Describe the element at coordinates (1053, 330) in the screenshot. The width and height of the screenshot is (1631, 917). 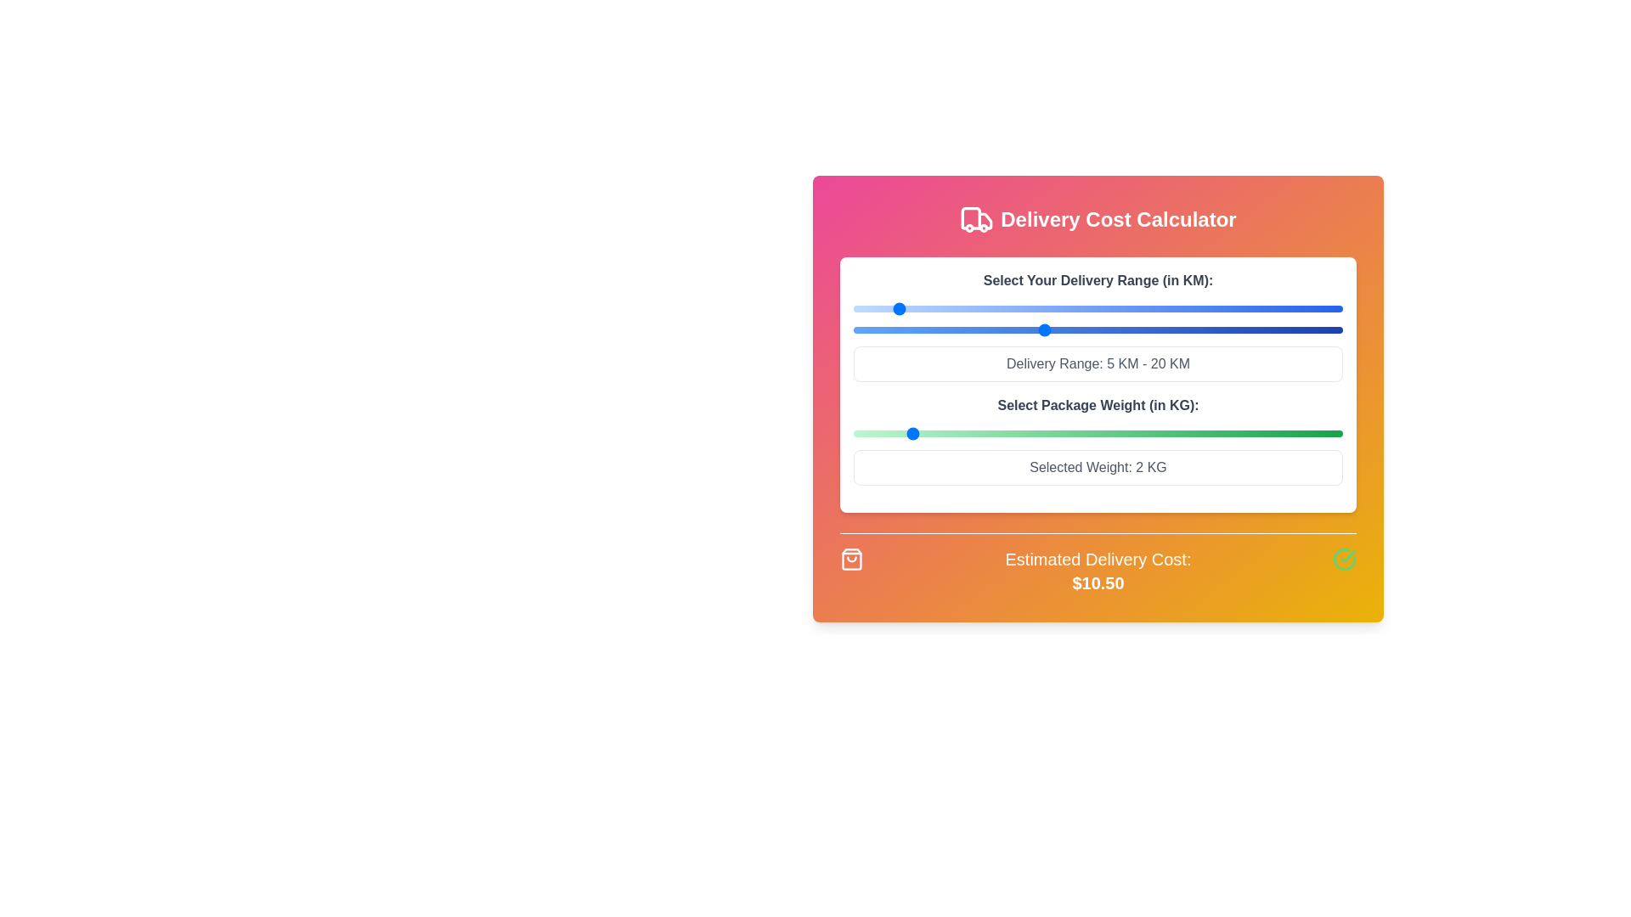
I see `delivery range` at that location.